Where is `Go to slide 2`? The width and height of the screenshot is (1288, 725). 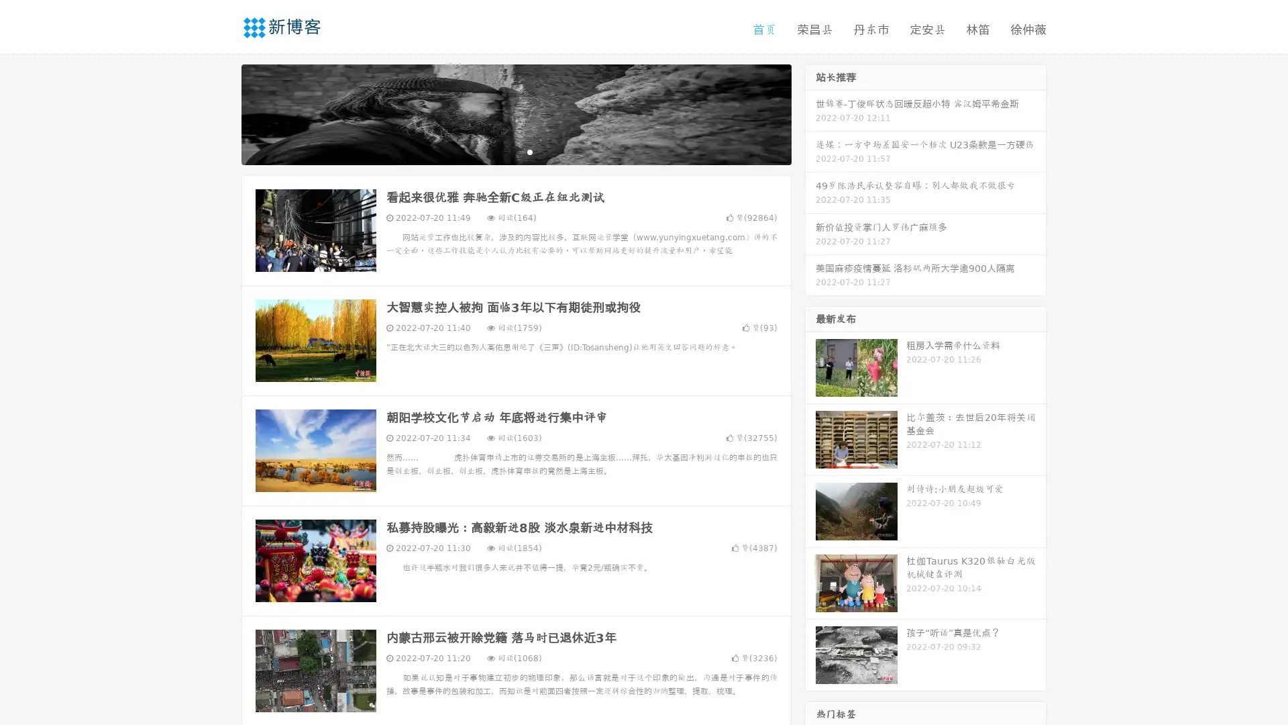 Go to slide 2 is located at coordinates (515, 151).